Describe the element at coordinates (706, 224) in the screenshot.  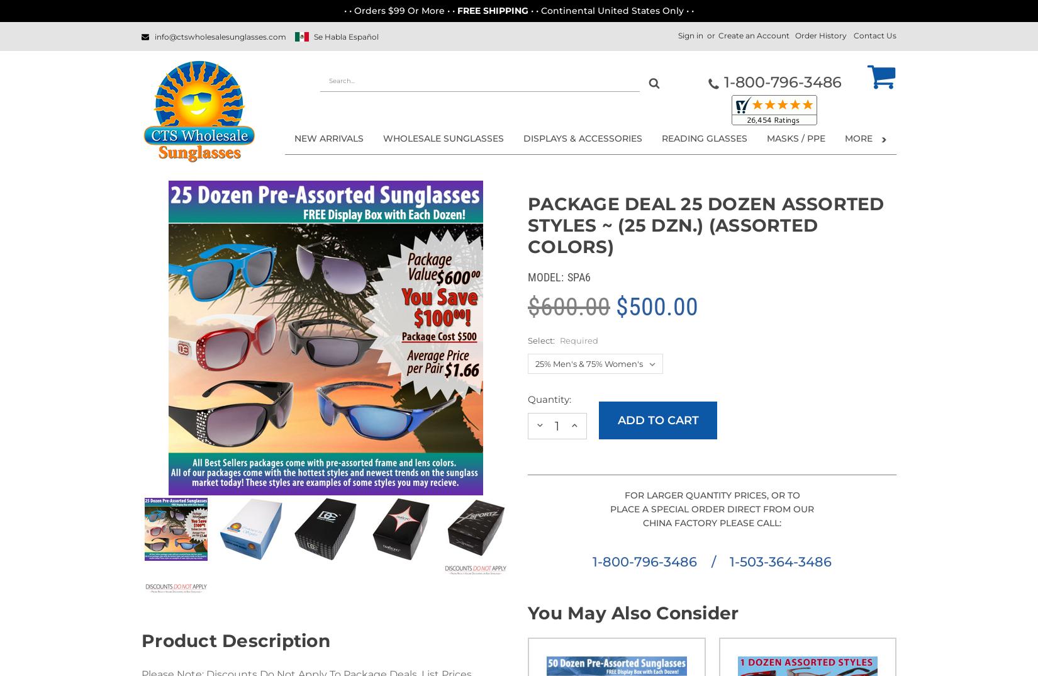
I see `'Package Deal 25 Dozen Assorted Styles ~ (25 dzn.) (Assorted Colors)'` at that location.